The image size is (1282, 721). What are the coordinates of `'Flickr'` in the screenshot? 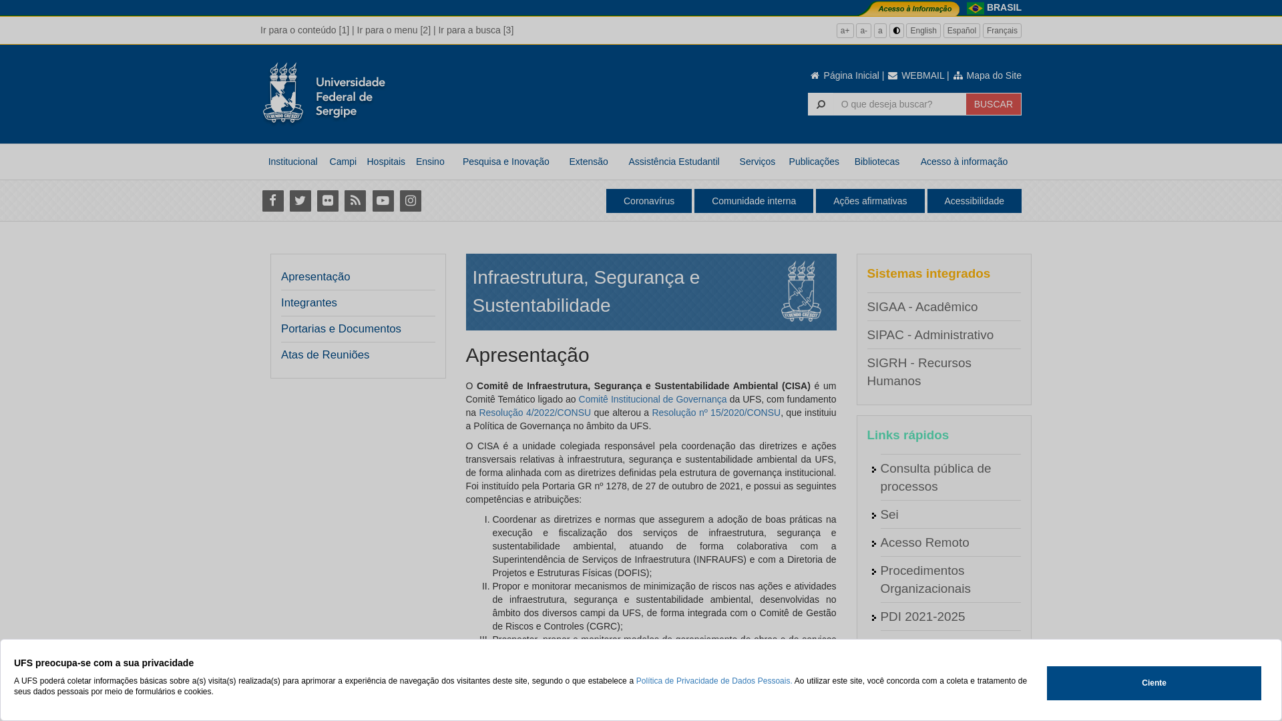 It's located at (327, 200).